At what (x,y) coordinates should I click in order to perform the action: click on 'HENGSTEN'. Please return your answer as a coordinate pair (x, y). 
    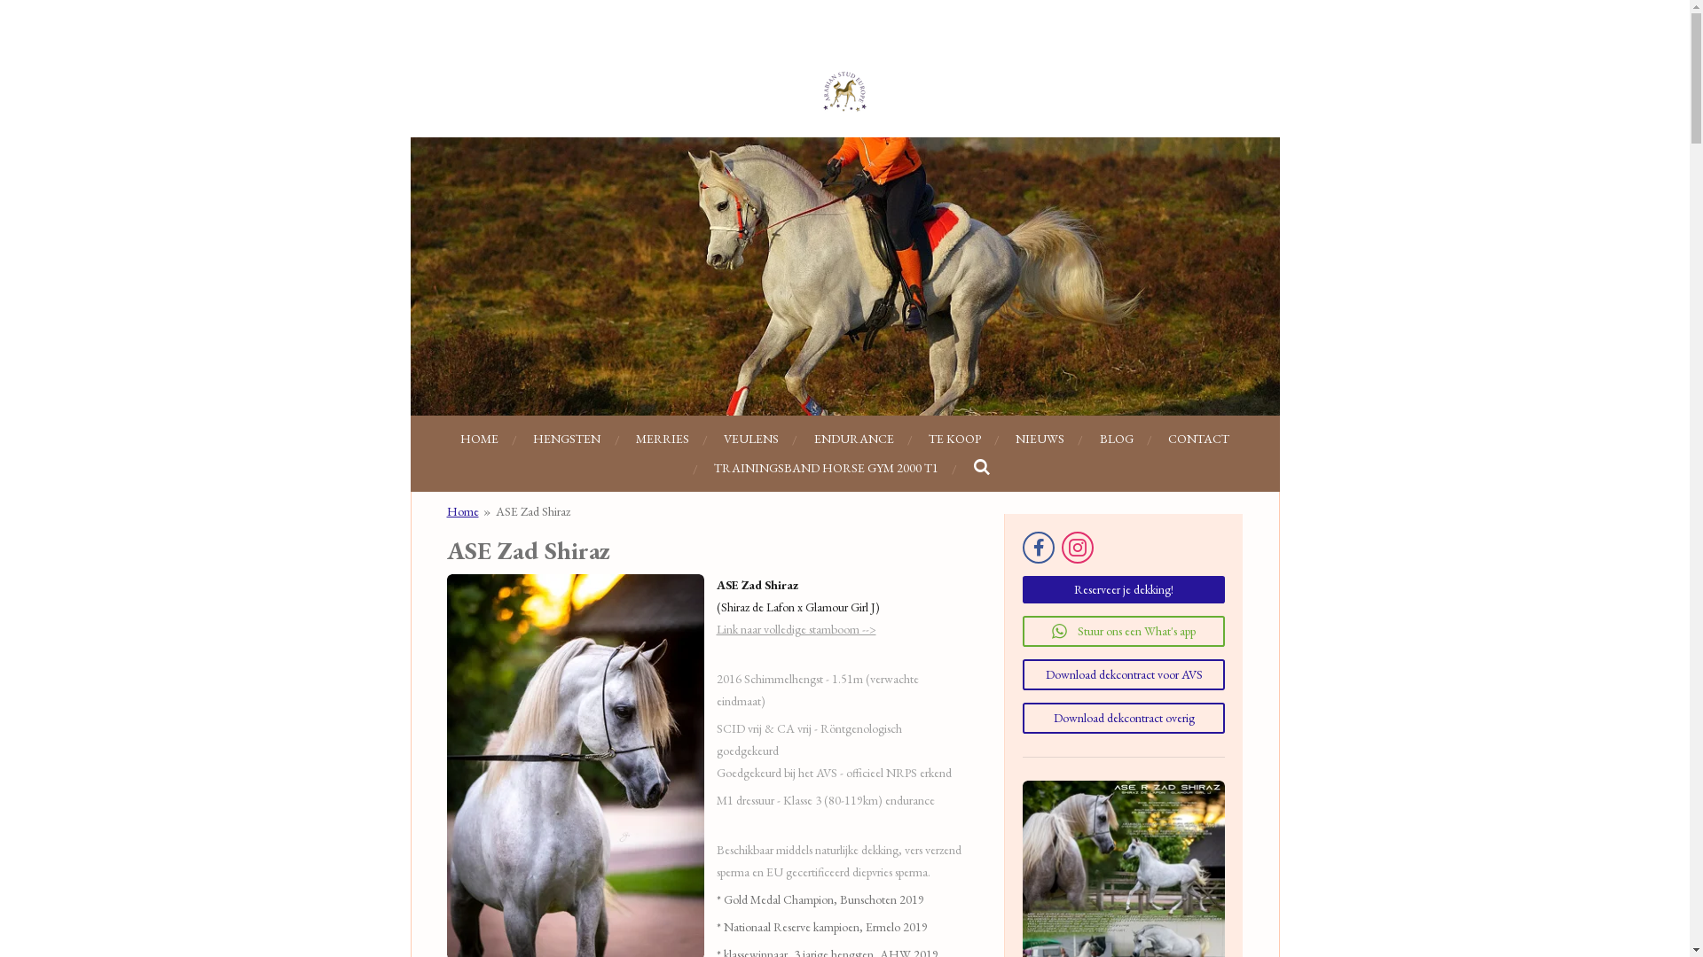
    Looking at the image, I should click on (565, 439).